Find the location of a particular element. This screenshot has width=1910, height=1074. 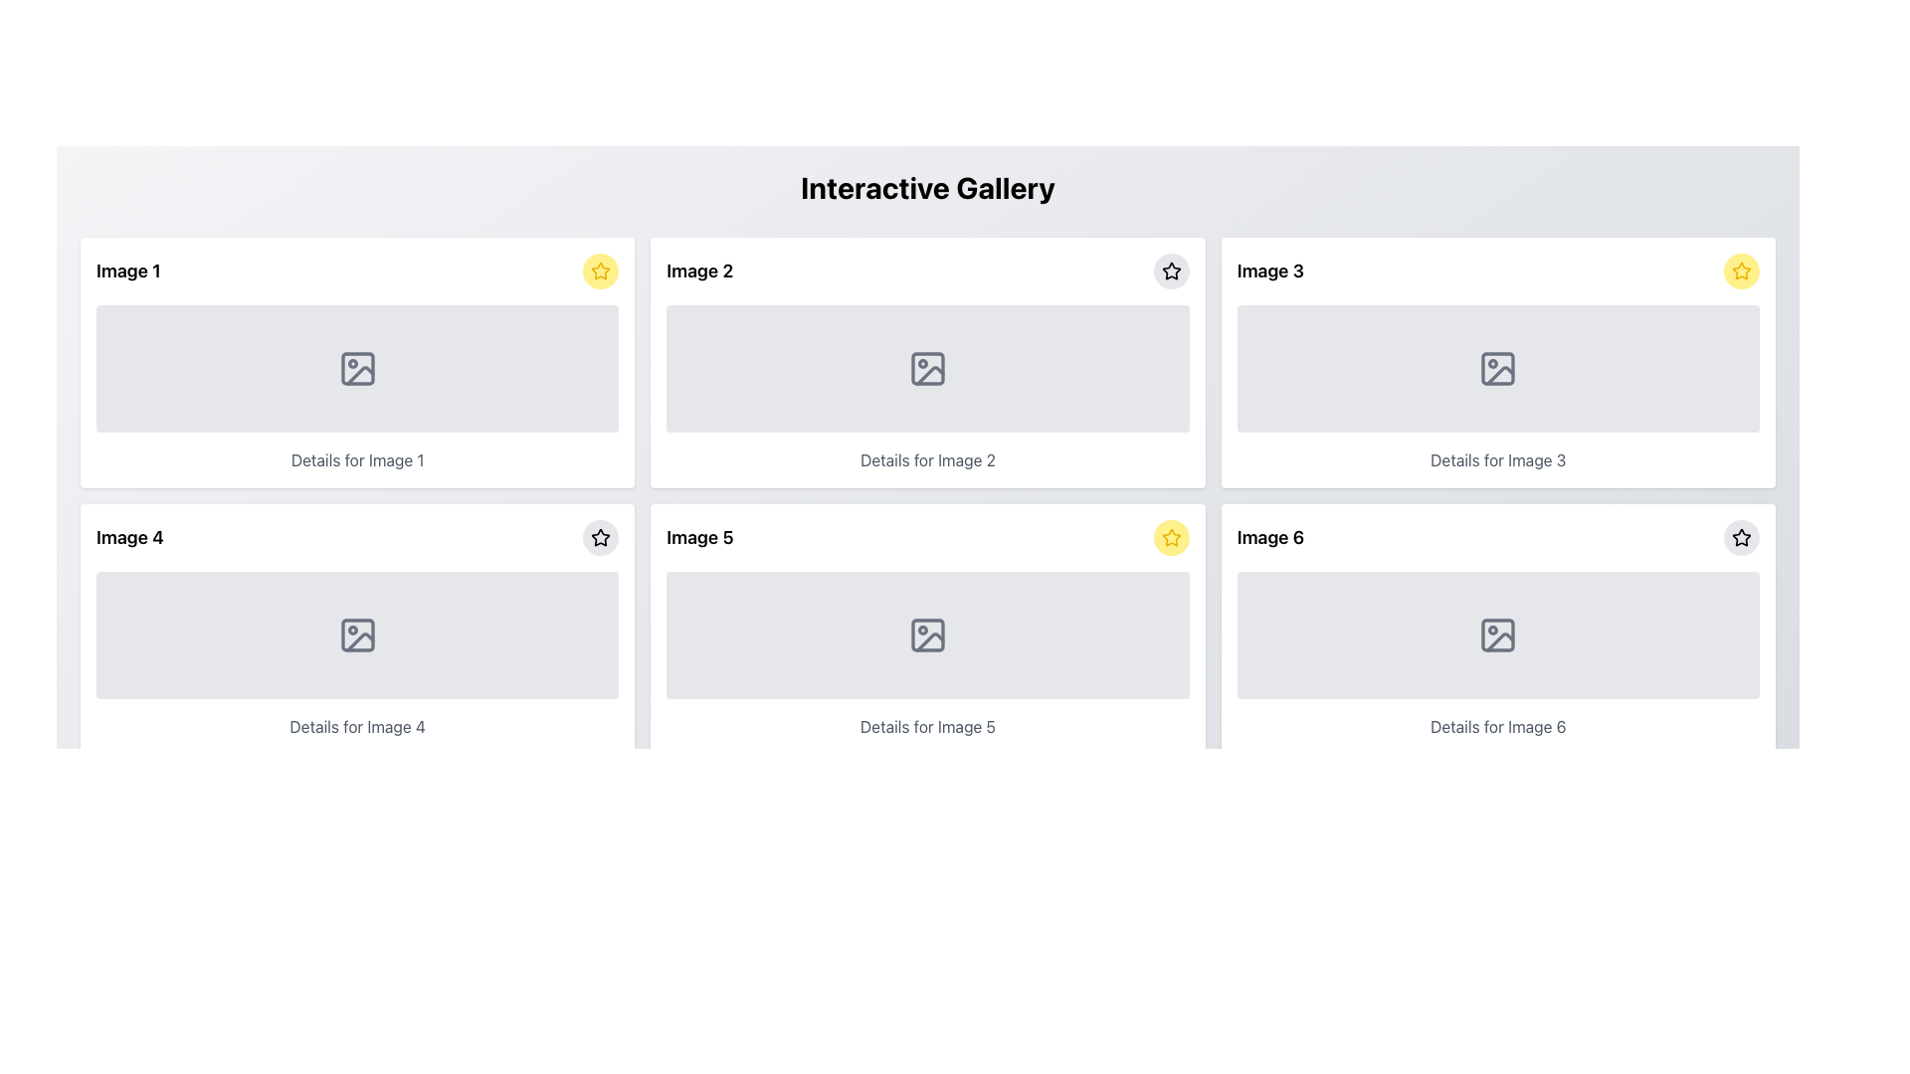

the circular yellow button with a bold star icon in the top-right corner of the 'Image 3' card header is located at coordinates (1741, 271).